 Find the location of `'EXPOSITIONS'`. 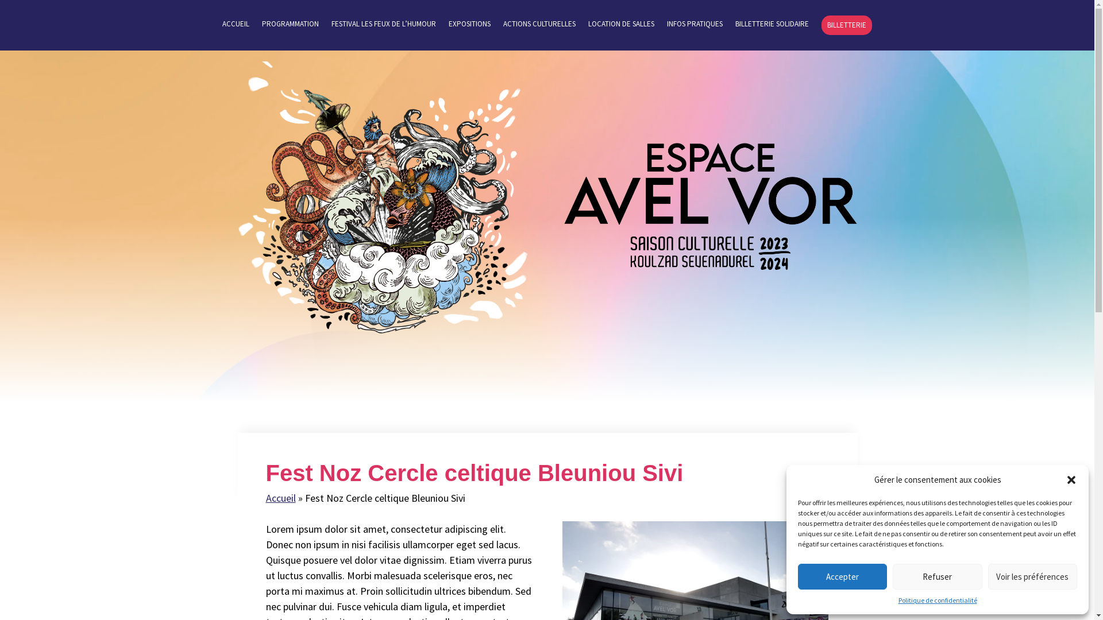

'EXPOSITIONS' is located at coordinates (448, 26).